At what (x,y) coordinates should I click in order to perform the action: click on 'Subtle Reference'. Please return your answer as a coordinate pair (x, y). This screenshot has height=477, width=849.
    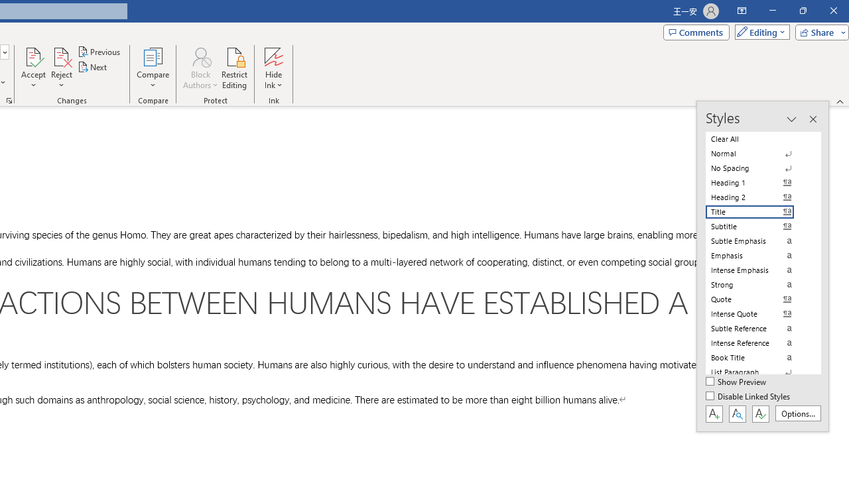
    Looking at the image, I should click on (757, 328).